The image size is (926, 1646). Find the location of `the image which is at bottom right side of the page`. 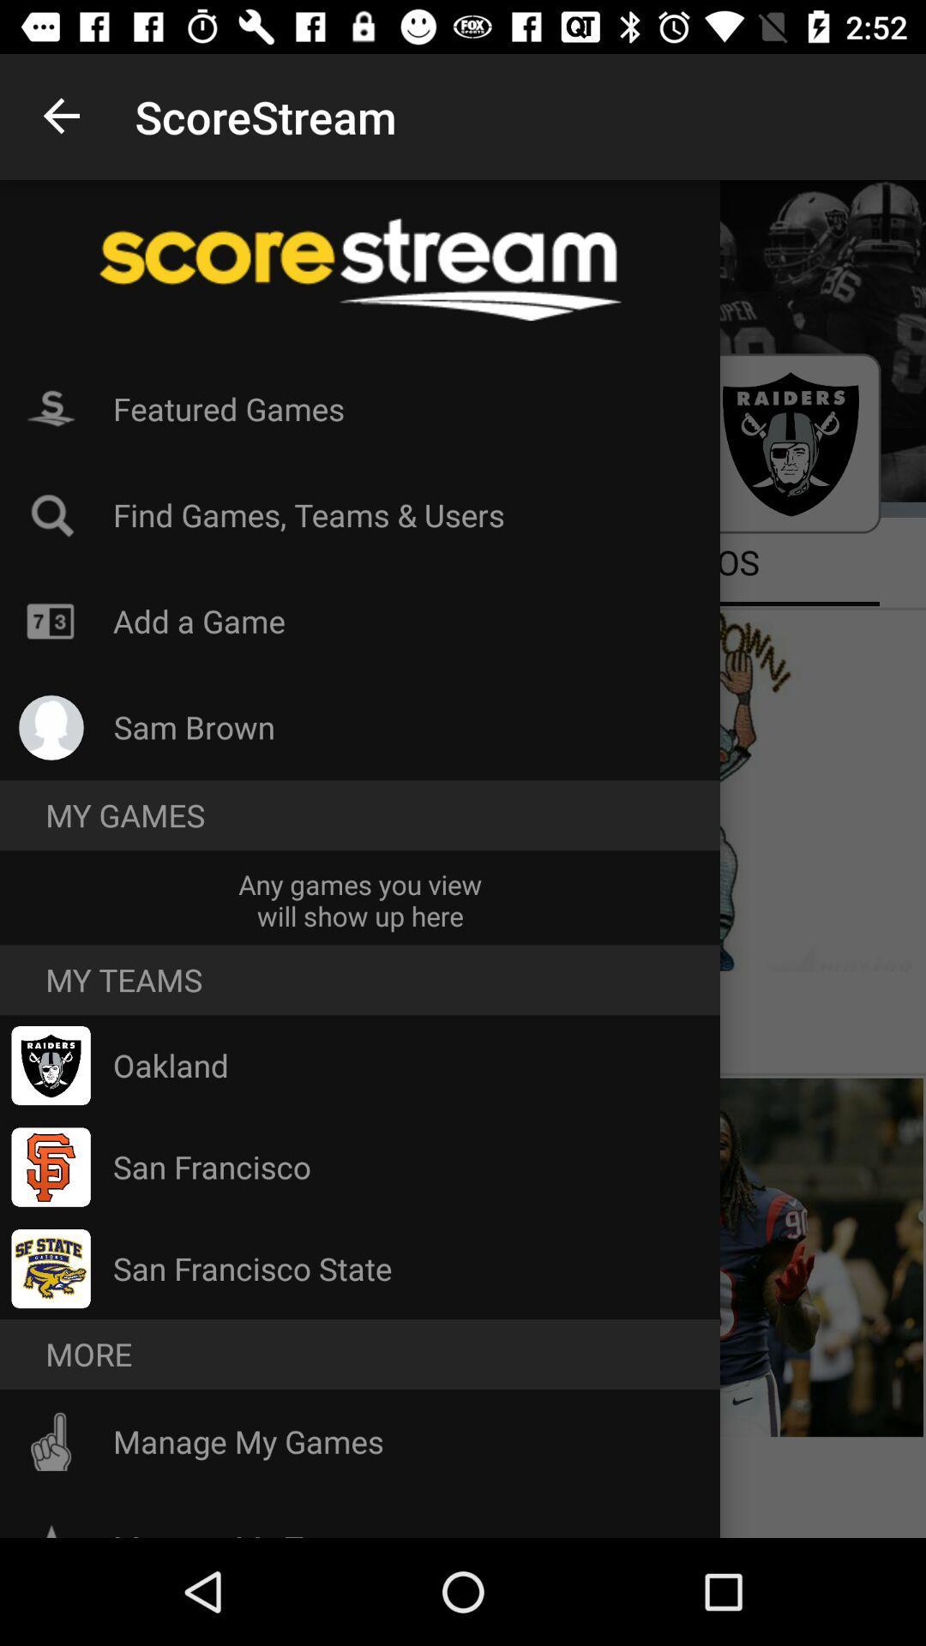

the image which is at bottom right side of the page is located at coordinates (694, 1258).